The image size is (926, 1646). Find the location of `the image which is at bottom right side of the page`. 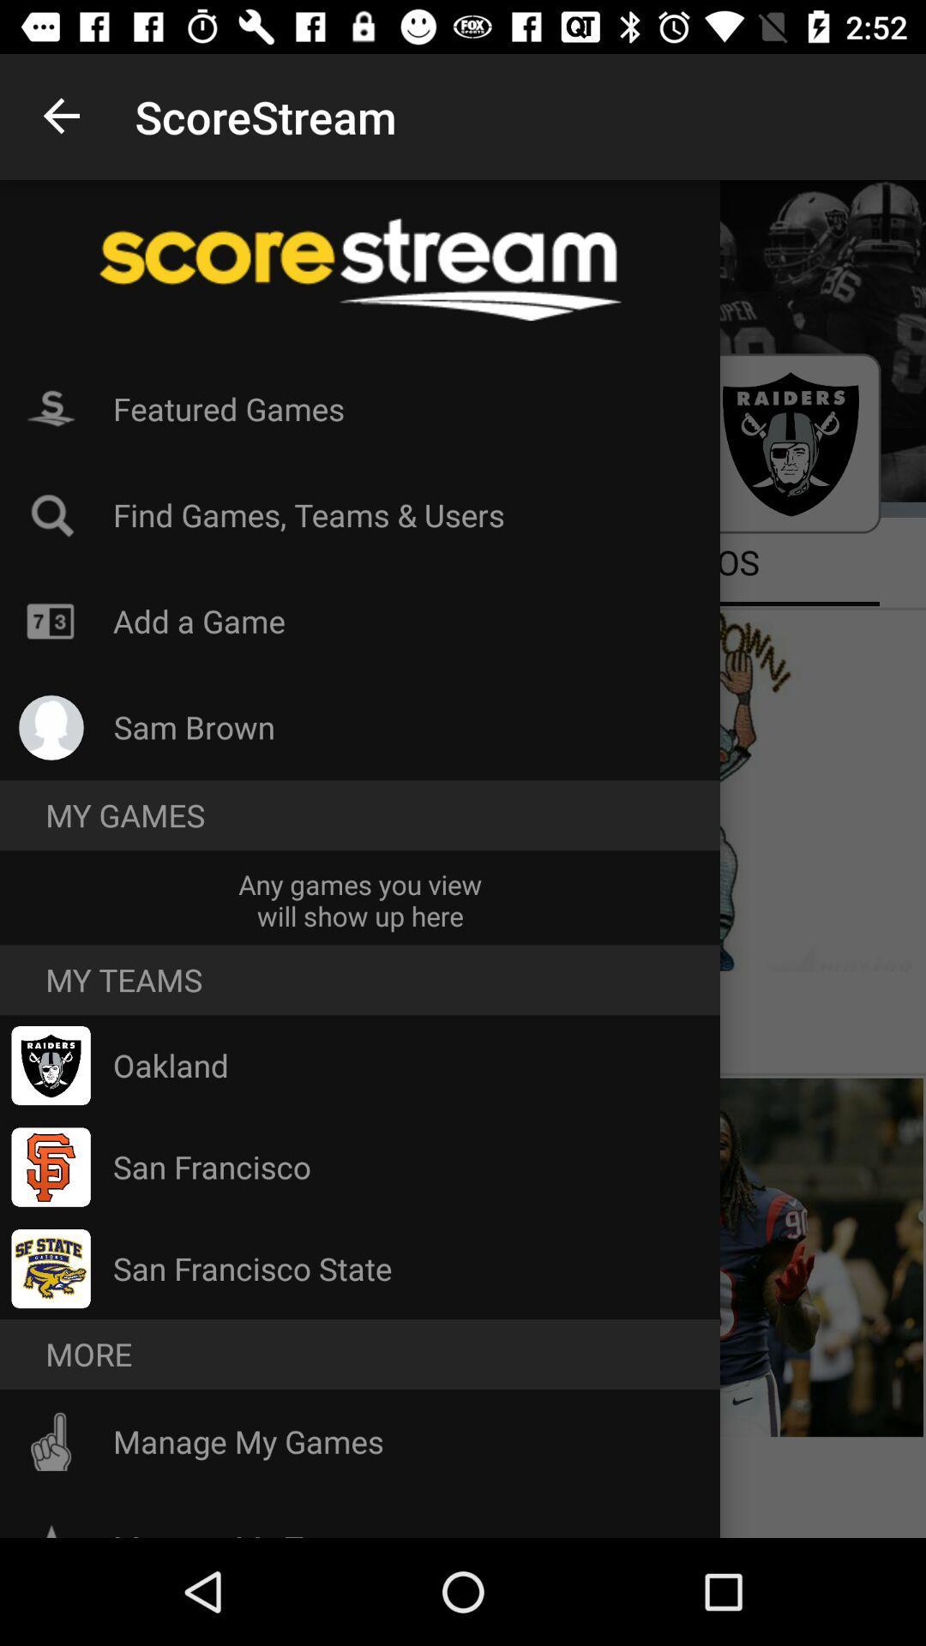

the image which is at bottom right side of the page is located at coordinates (694, 1258).